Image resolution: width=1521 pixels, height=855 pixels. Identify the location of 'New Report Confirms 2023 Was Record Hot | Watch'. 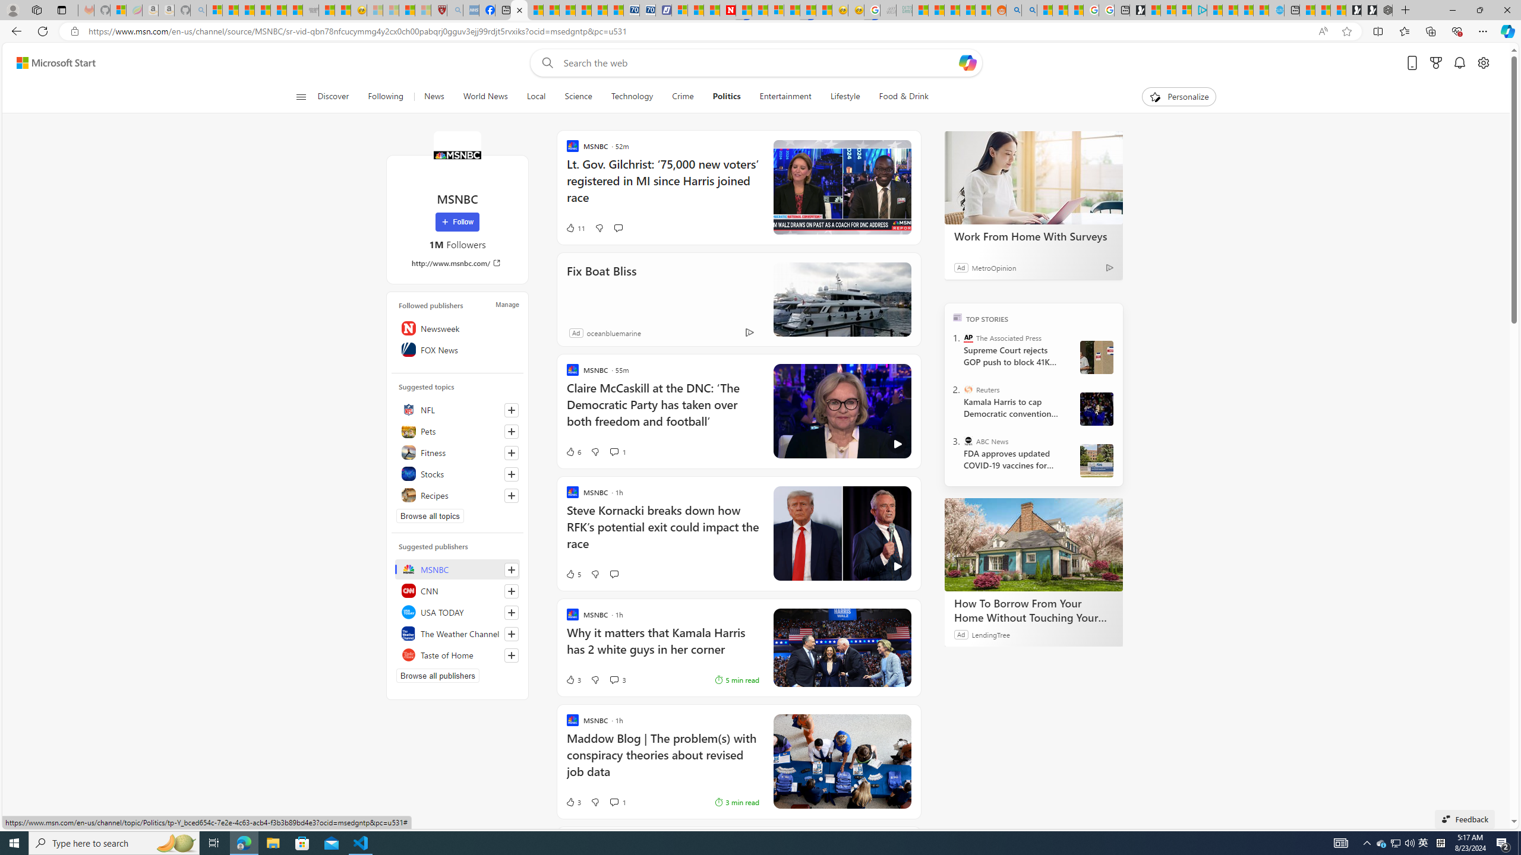
(278, 9).